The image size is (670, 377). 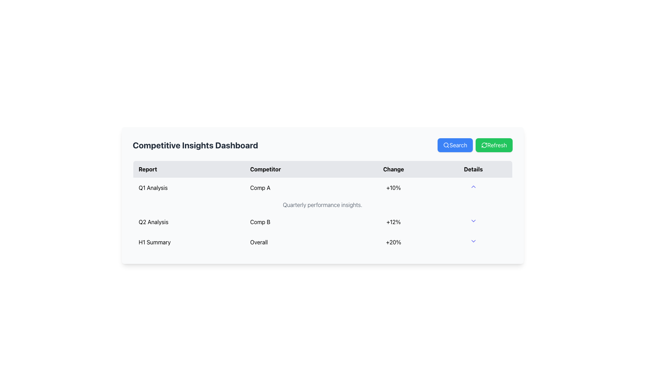 I want to click on the upward-facing chevron icon in the 'Details' column of the 'Q1 Analysis' row, so click(x=473, y=187).